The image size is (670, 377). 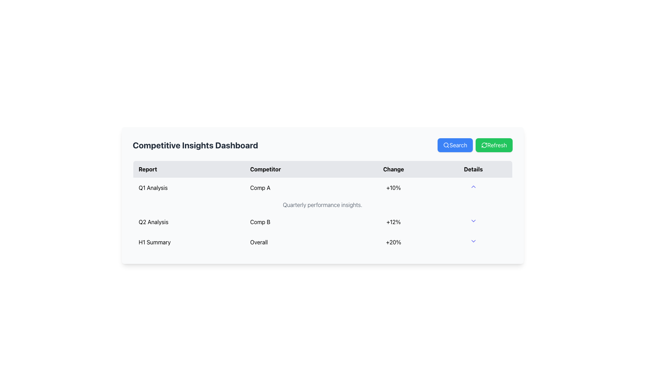 I want to click on the upward-facing chevron icon in the 'Details' column of the 'Q1 Analysis' row, so click(x=473, y=187).